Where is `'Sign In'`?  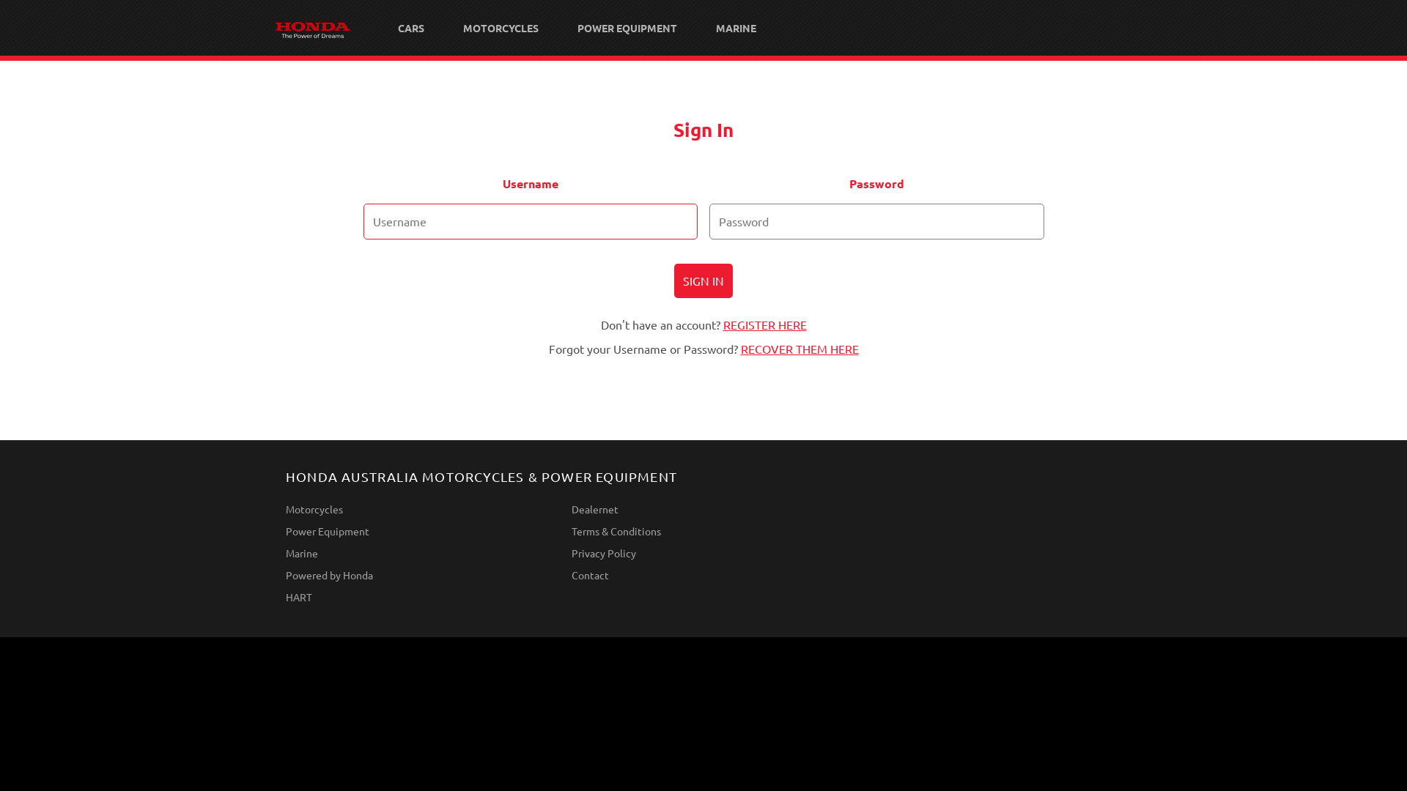
'Sign In' is located at coordinates (673, 281).